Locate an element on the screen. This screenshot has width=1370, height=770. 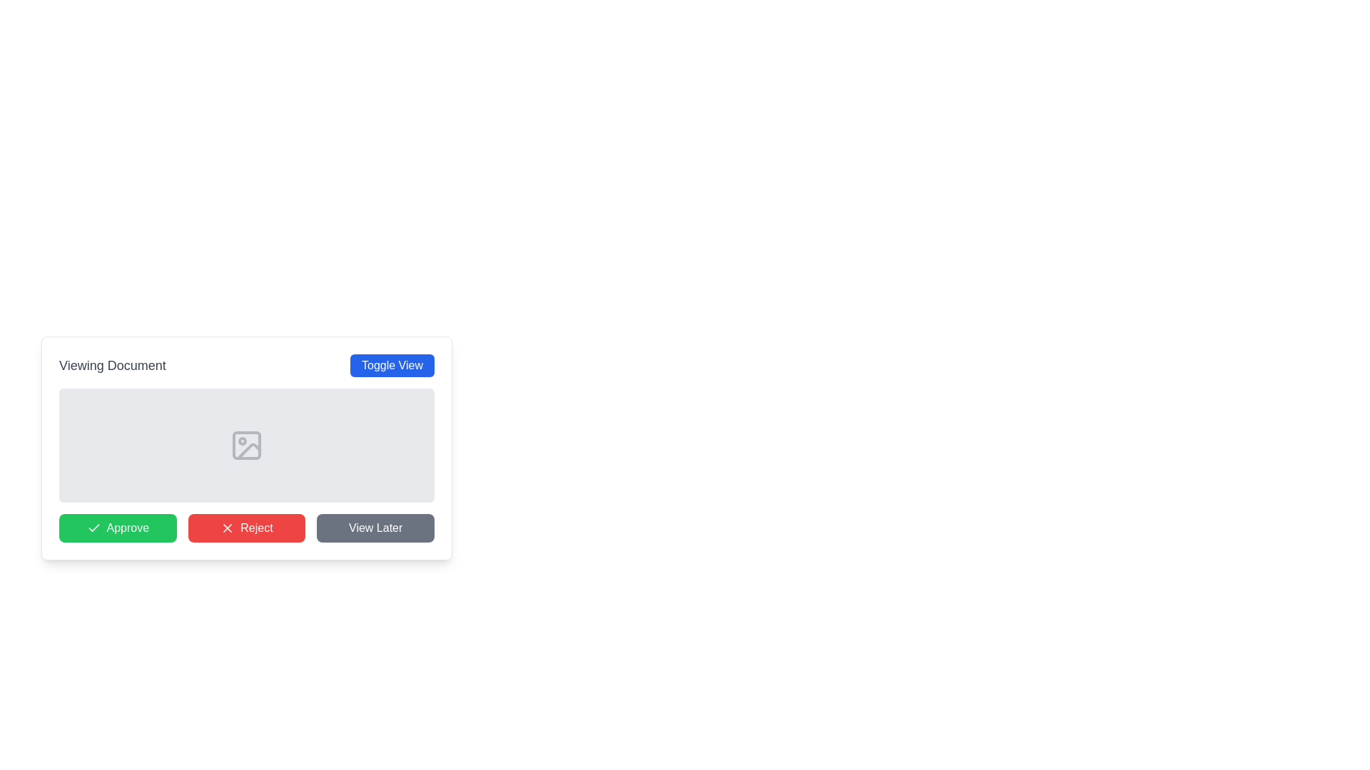
the button group located at the bottom of the document preview section is located at coordinates (246, 528).